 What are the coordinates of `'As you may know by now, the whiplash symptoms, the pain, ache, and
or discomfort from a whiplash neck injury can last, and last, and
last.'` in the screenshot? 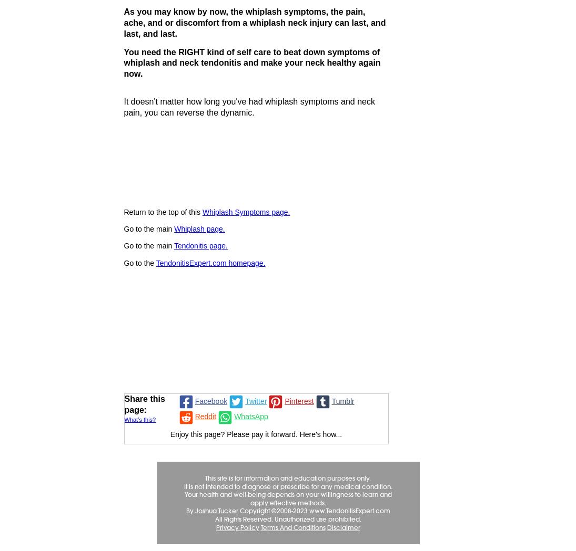 It's located at (254, 23).